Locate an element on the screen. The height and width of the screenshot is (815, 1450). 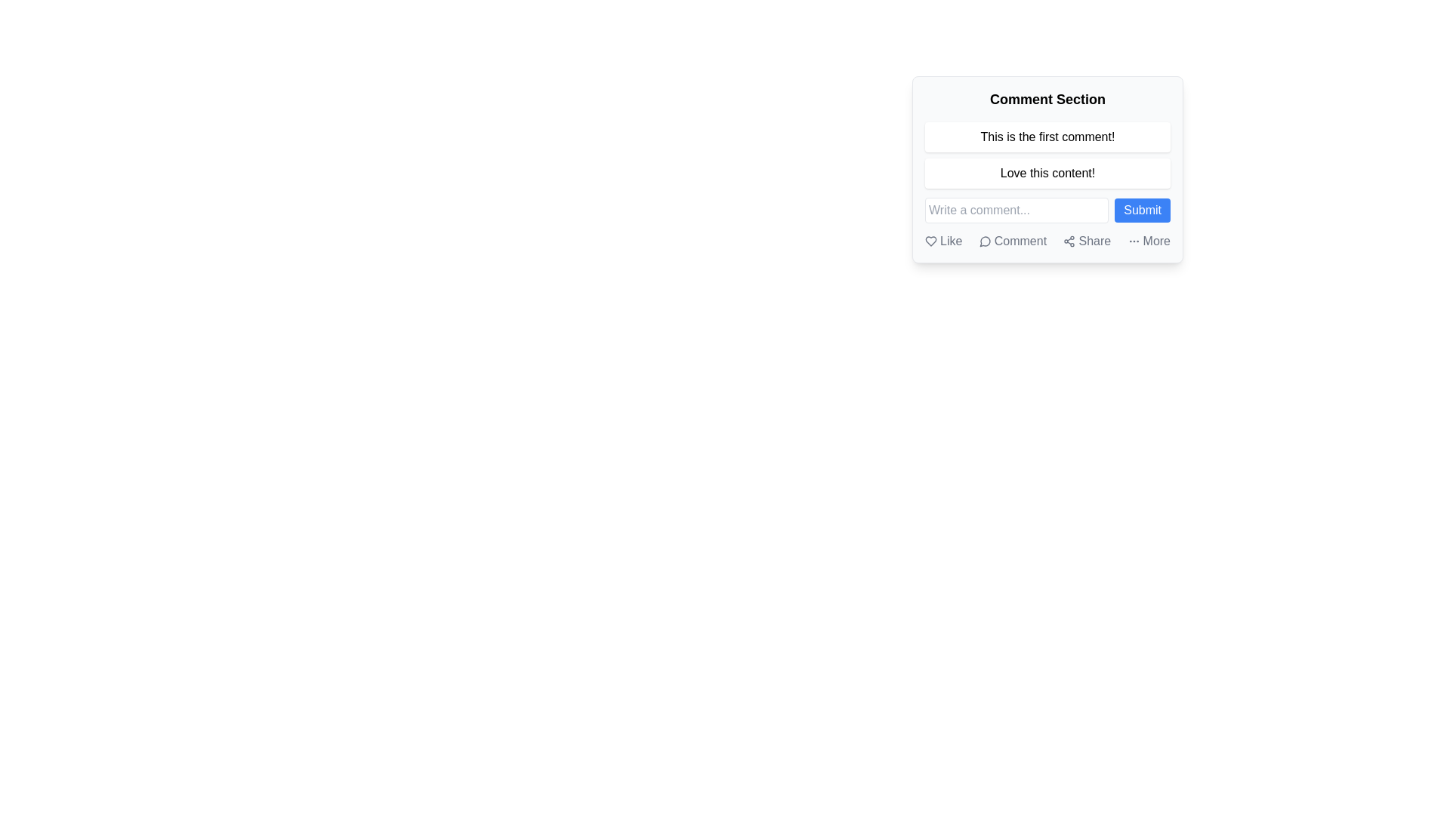
the 'Like' label or icon in the Horizontal action menu located at the bottom of the comment section is located at coordinates (1047, 241).